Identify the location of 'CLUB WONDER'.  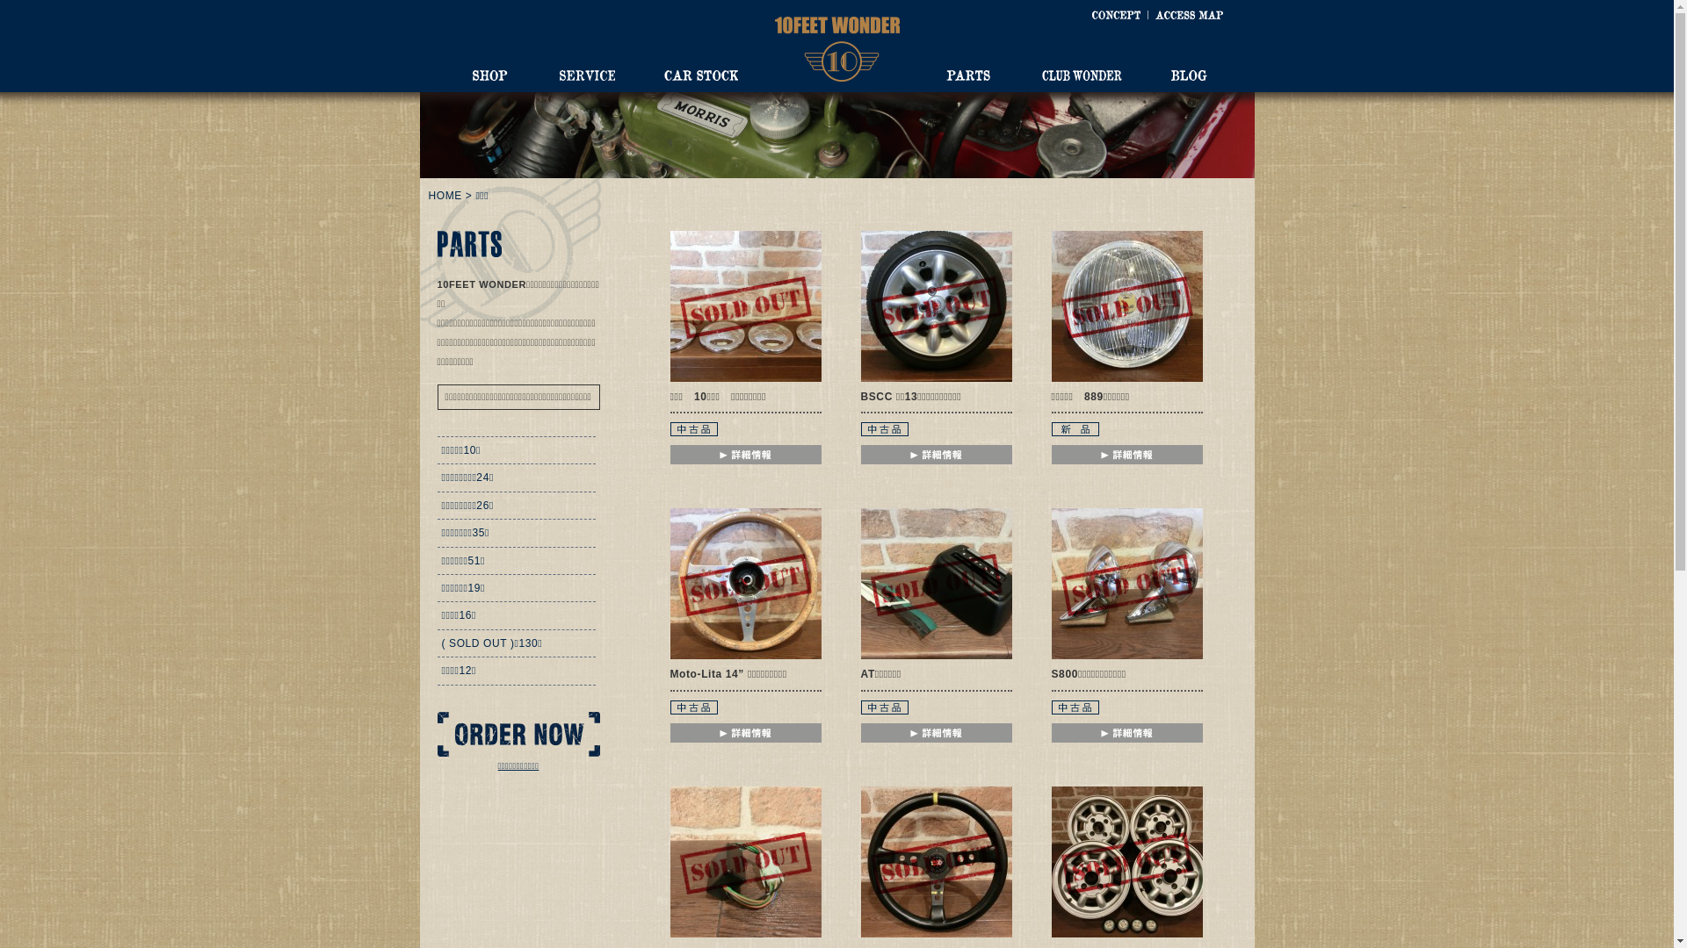
(1041, 74).